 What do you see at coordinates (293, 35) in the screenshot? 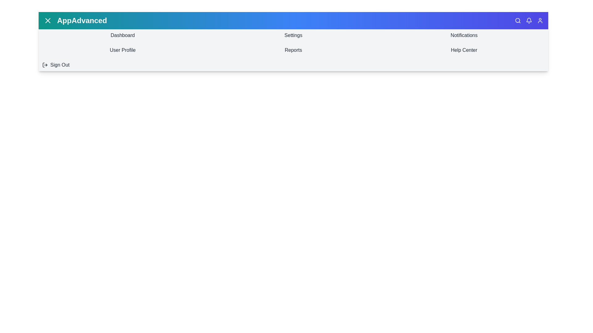
I see `the menu item Settings from the menu bar` at bounding box center [293, 35].